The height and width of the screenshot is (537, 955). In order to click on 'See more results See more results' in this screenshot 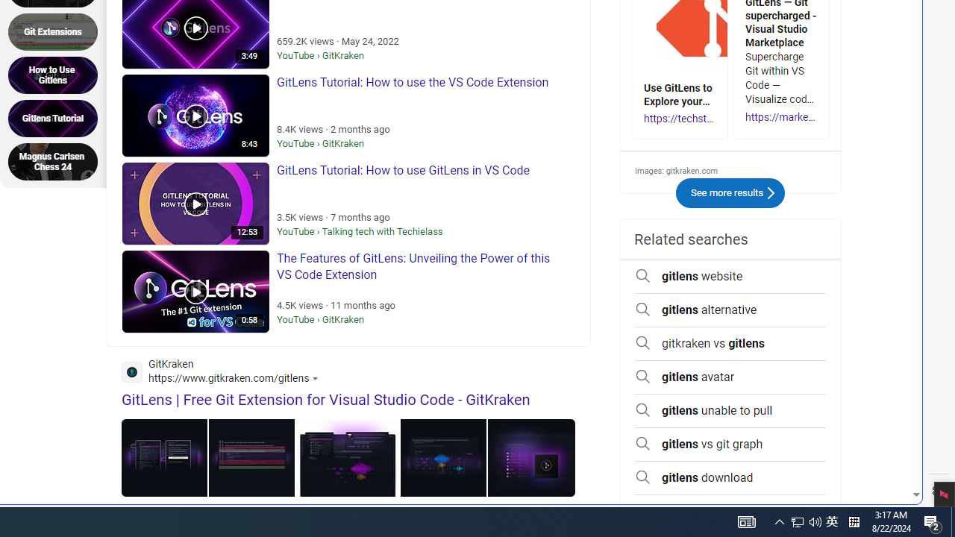, I will do `click(730, 192)`.